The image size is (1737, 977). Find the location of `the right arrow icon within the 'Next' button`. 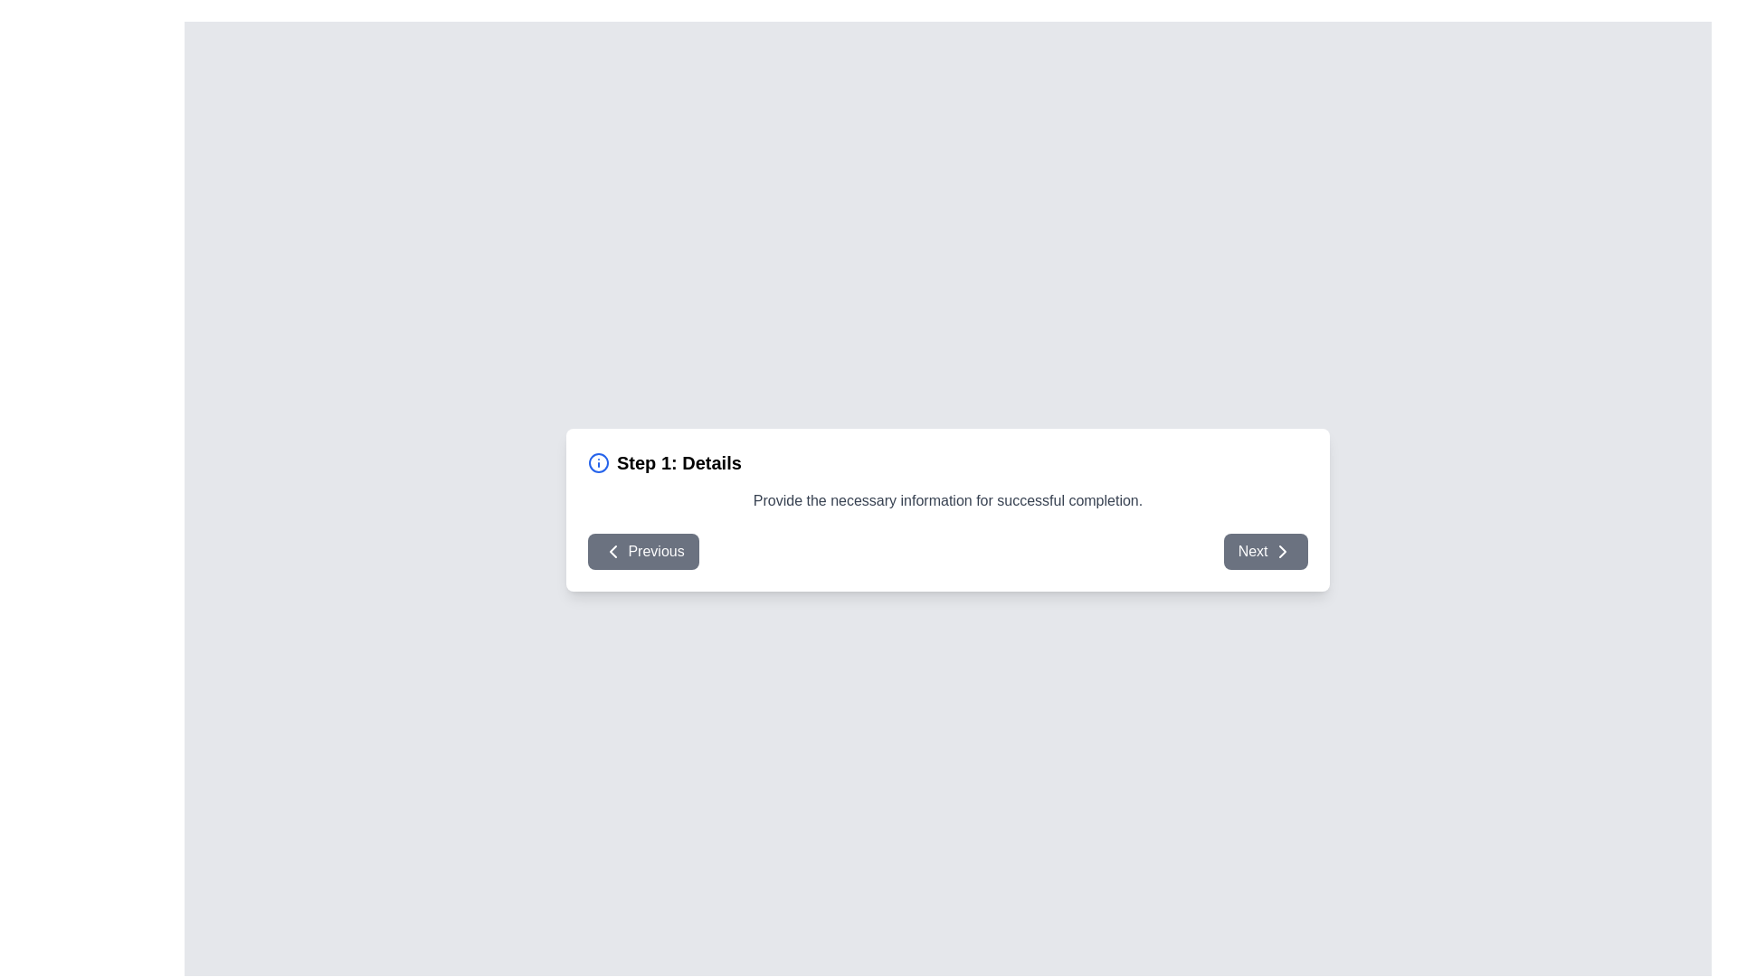

the right arrow icon within the 'Next' button is located at coordinates (1281, 550).